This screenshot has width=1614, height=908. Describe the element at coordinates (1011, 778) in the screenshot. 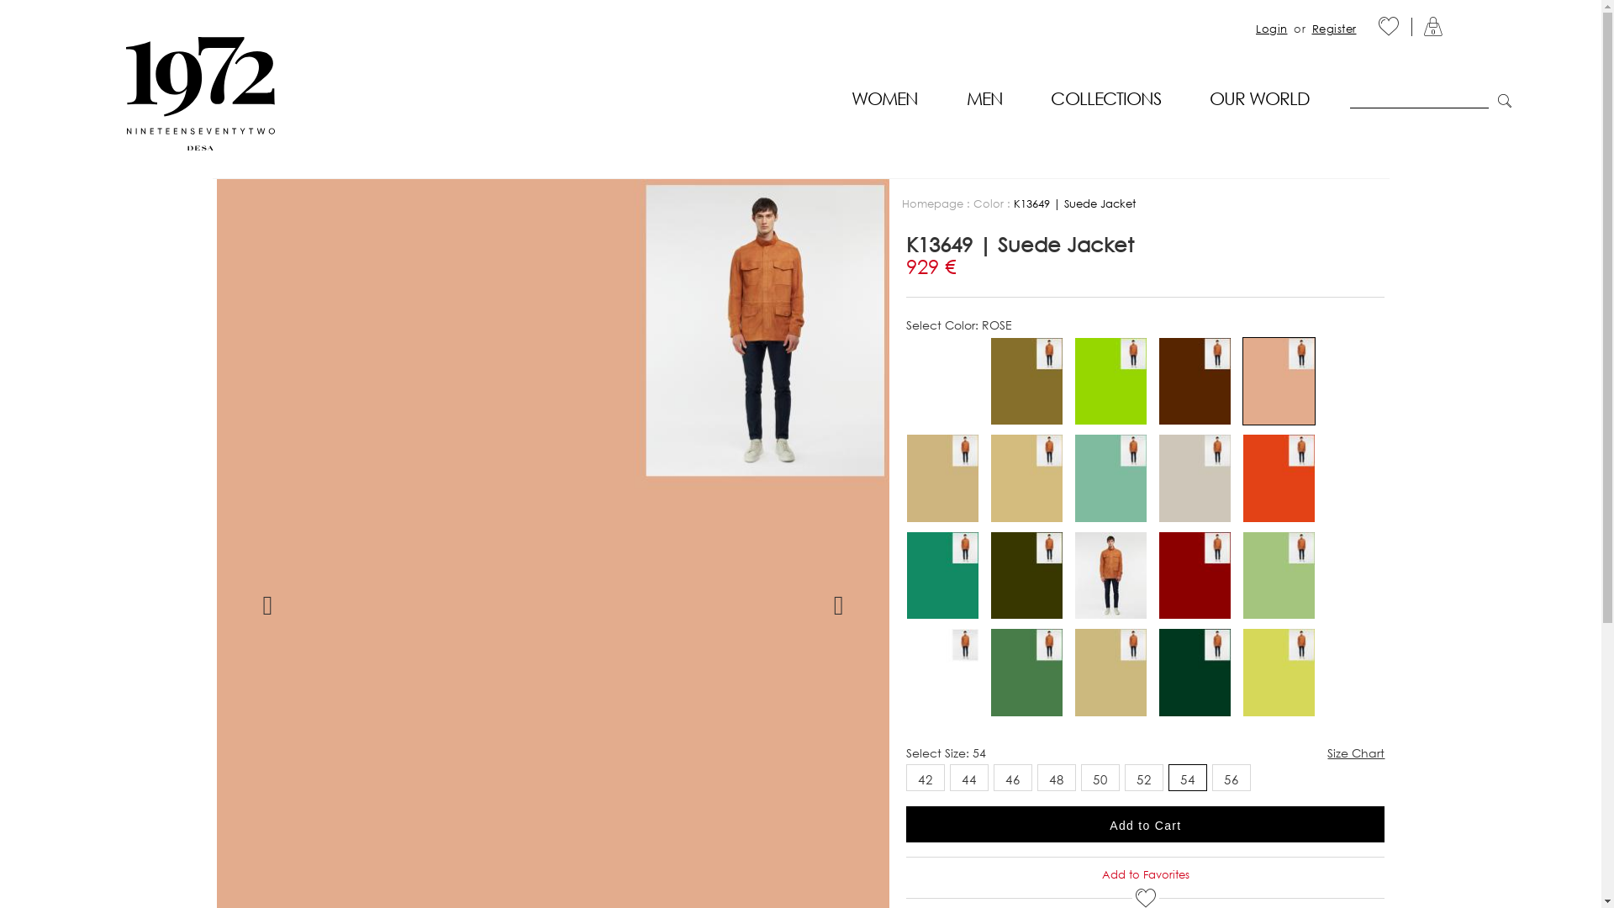

I see `'46'` at that location.